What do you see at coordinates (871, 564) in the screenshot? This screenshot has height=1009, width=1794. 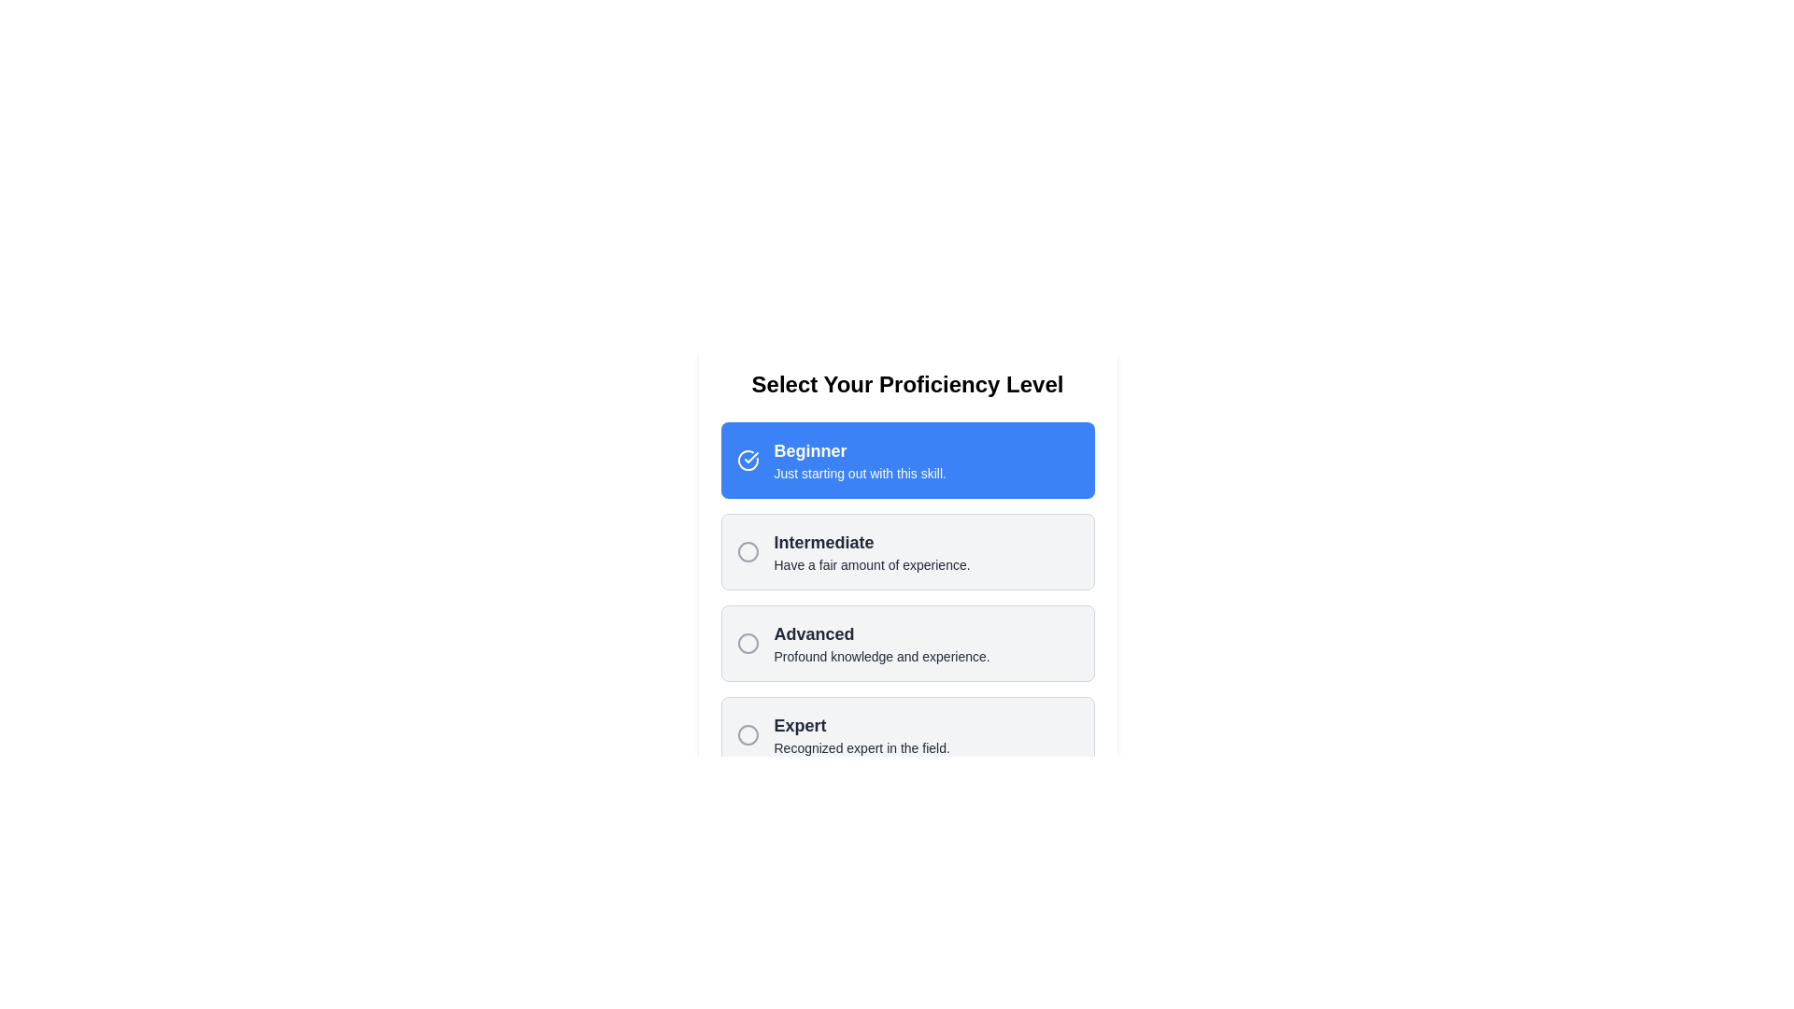 I see `the text label providing a brief description of the proficiency level labeled as 'Intermediate', located below the 'Intermediate' text in the proficiency selection interface` at bounding box center [871, 564].